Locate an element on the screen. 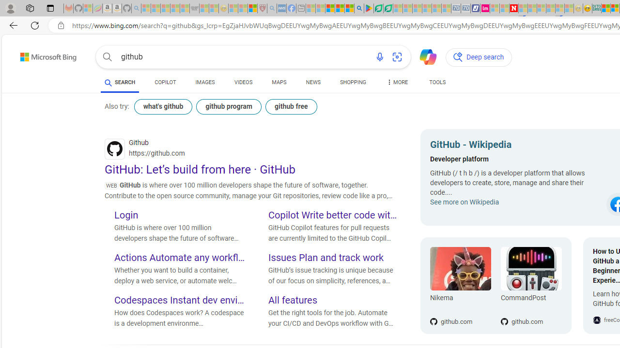 The height and width of the screenshot is (348, 620). 'COPILOT' is located at coordinates (165, 82).